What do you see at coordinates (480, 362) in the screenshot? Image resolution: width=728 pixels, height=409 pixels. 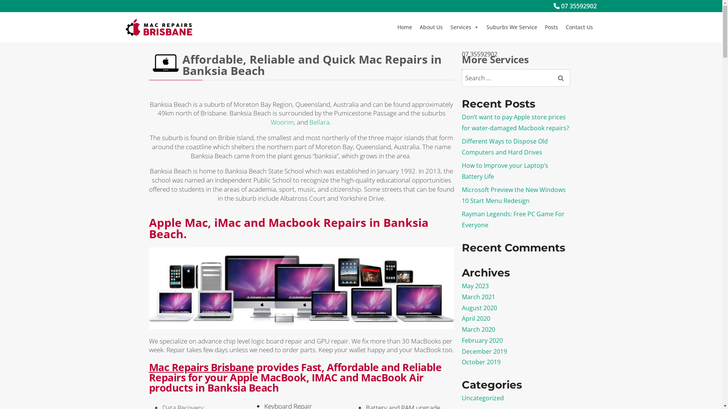 I see `'October 2019'` at bounding box center [480, 362].